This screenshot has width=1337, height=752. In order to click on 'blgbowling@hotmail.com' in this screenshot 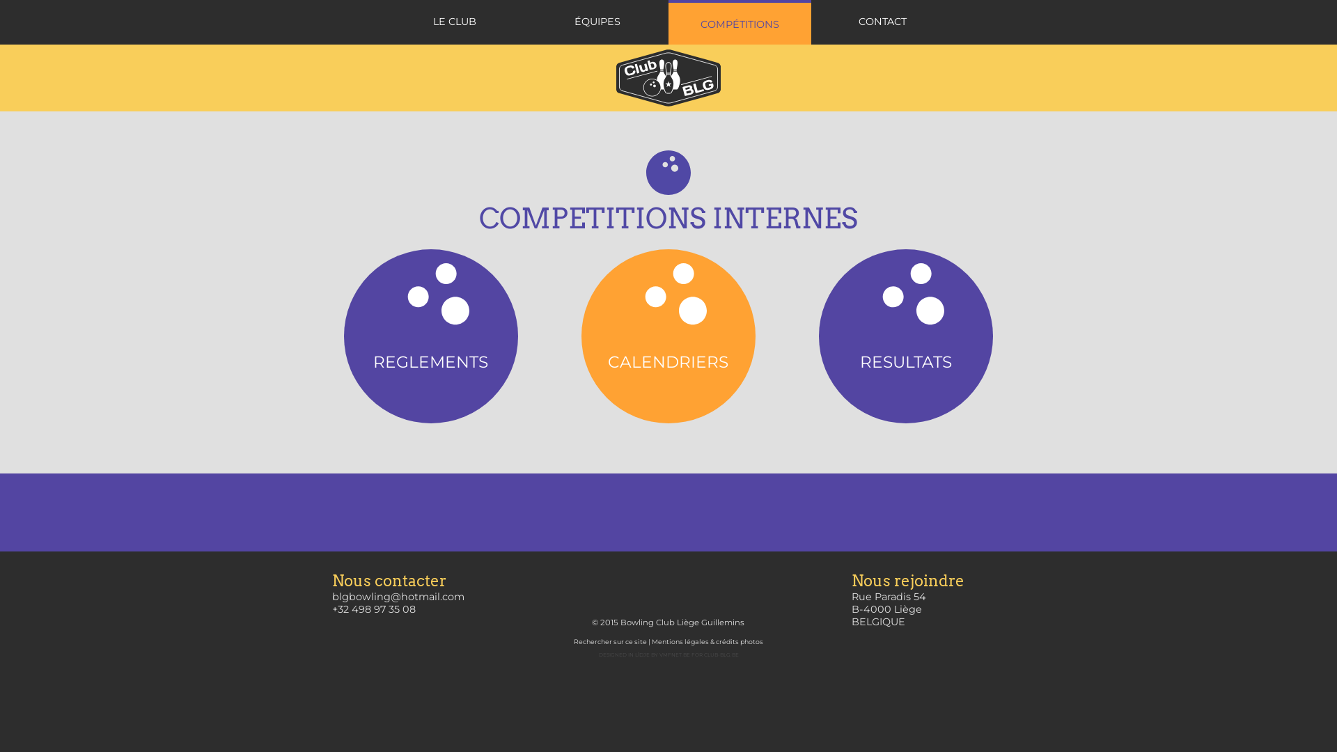, I will do `click(397, 595)`.